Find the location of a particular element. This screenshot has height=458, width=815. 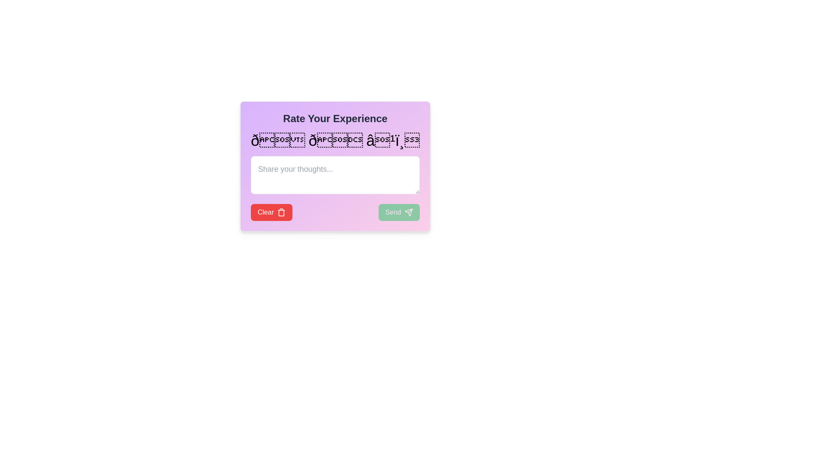

the 'Clear' button with red background and white text, which includes a trash can icon on its right side, to observe the hover effect is located at coordinates (272, 212).